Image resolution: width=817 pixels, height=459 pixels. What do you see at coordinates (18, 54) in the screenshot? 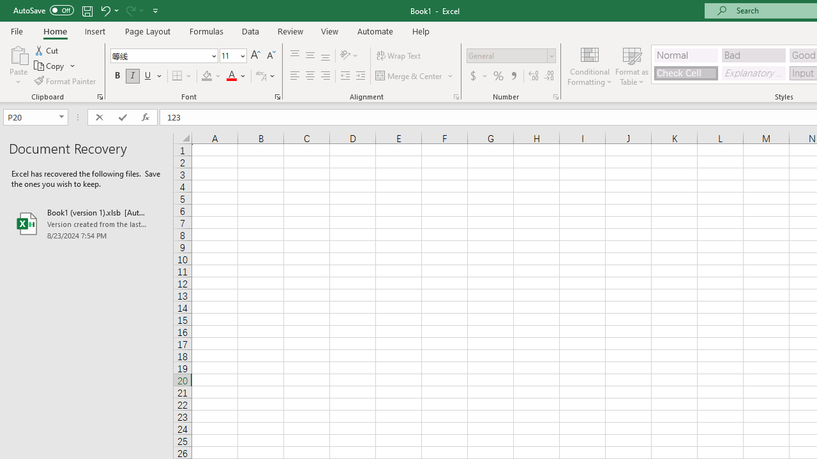
I see `'Paste'` at bounding box center [18, 54].